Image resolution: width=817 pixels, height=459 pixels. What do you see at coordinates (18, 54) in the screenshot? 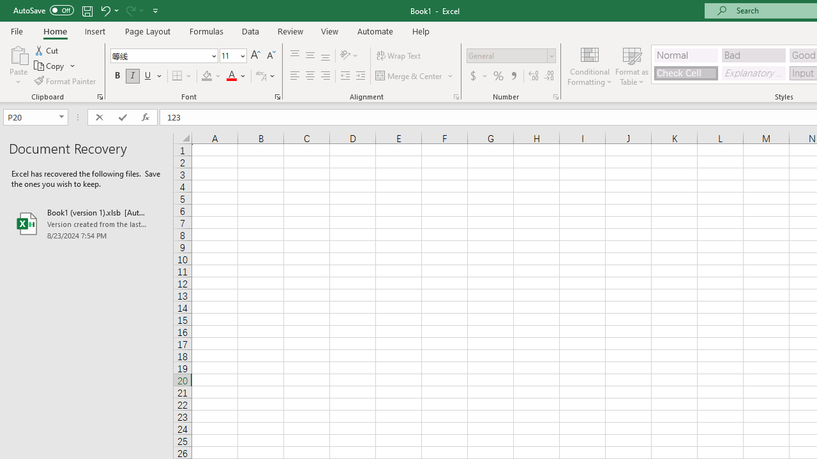
I see `'Paste'` at bounding box center [18, 54].